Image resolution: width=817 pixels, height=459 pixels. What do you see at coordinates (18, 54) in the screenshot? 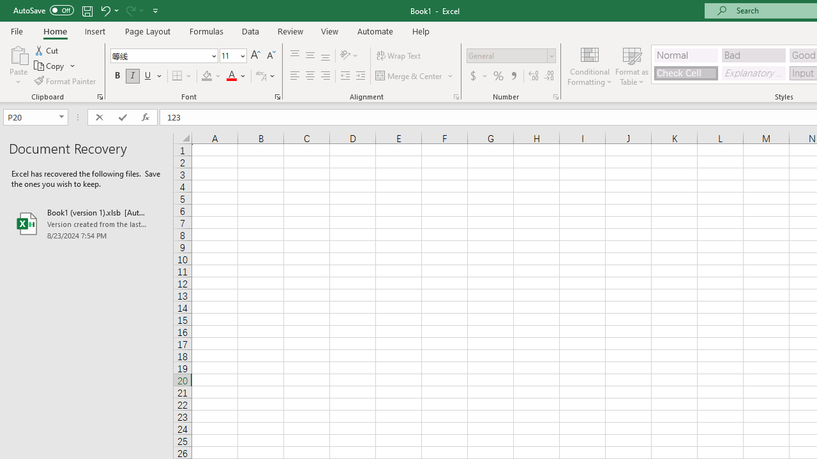
I see `'Paste'` at bounding box center [18, 54].